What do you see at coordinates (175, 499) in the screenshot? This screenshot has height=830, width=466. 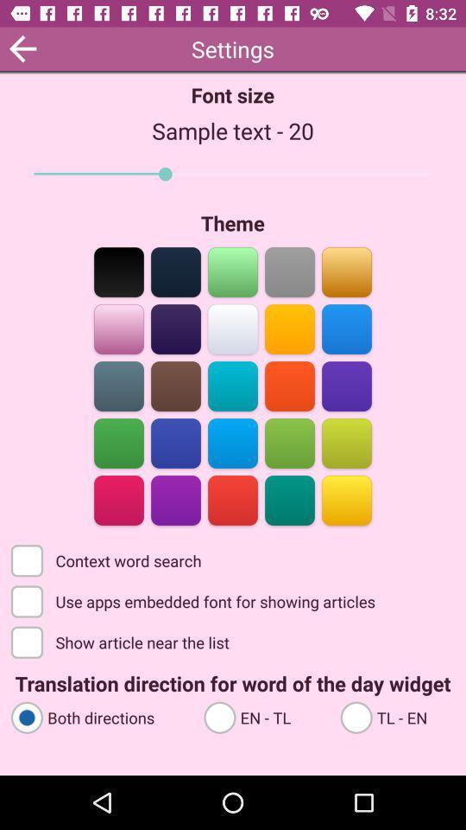 I see `the color purple for the font` at bounding box center [175, 499].